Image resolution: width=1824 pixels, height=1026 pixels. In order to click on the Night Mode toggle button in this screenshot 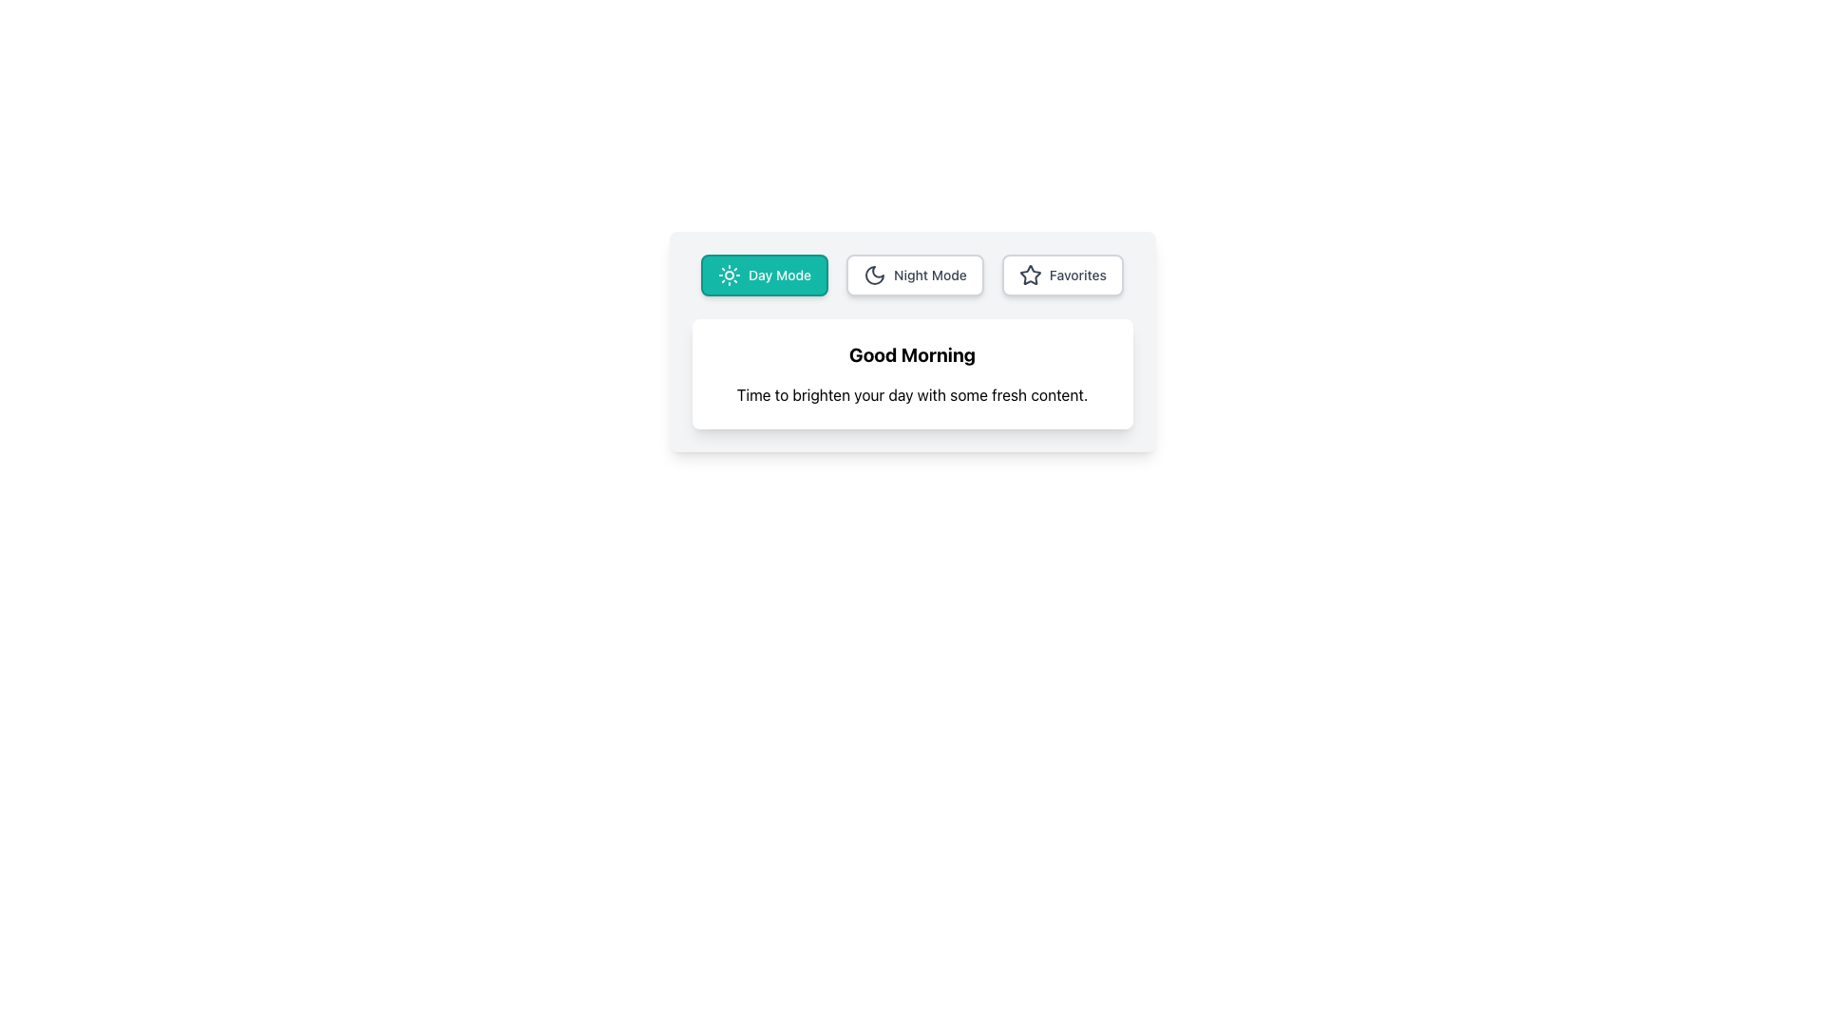, I will do `click(915, 275)`.